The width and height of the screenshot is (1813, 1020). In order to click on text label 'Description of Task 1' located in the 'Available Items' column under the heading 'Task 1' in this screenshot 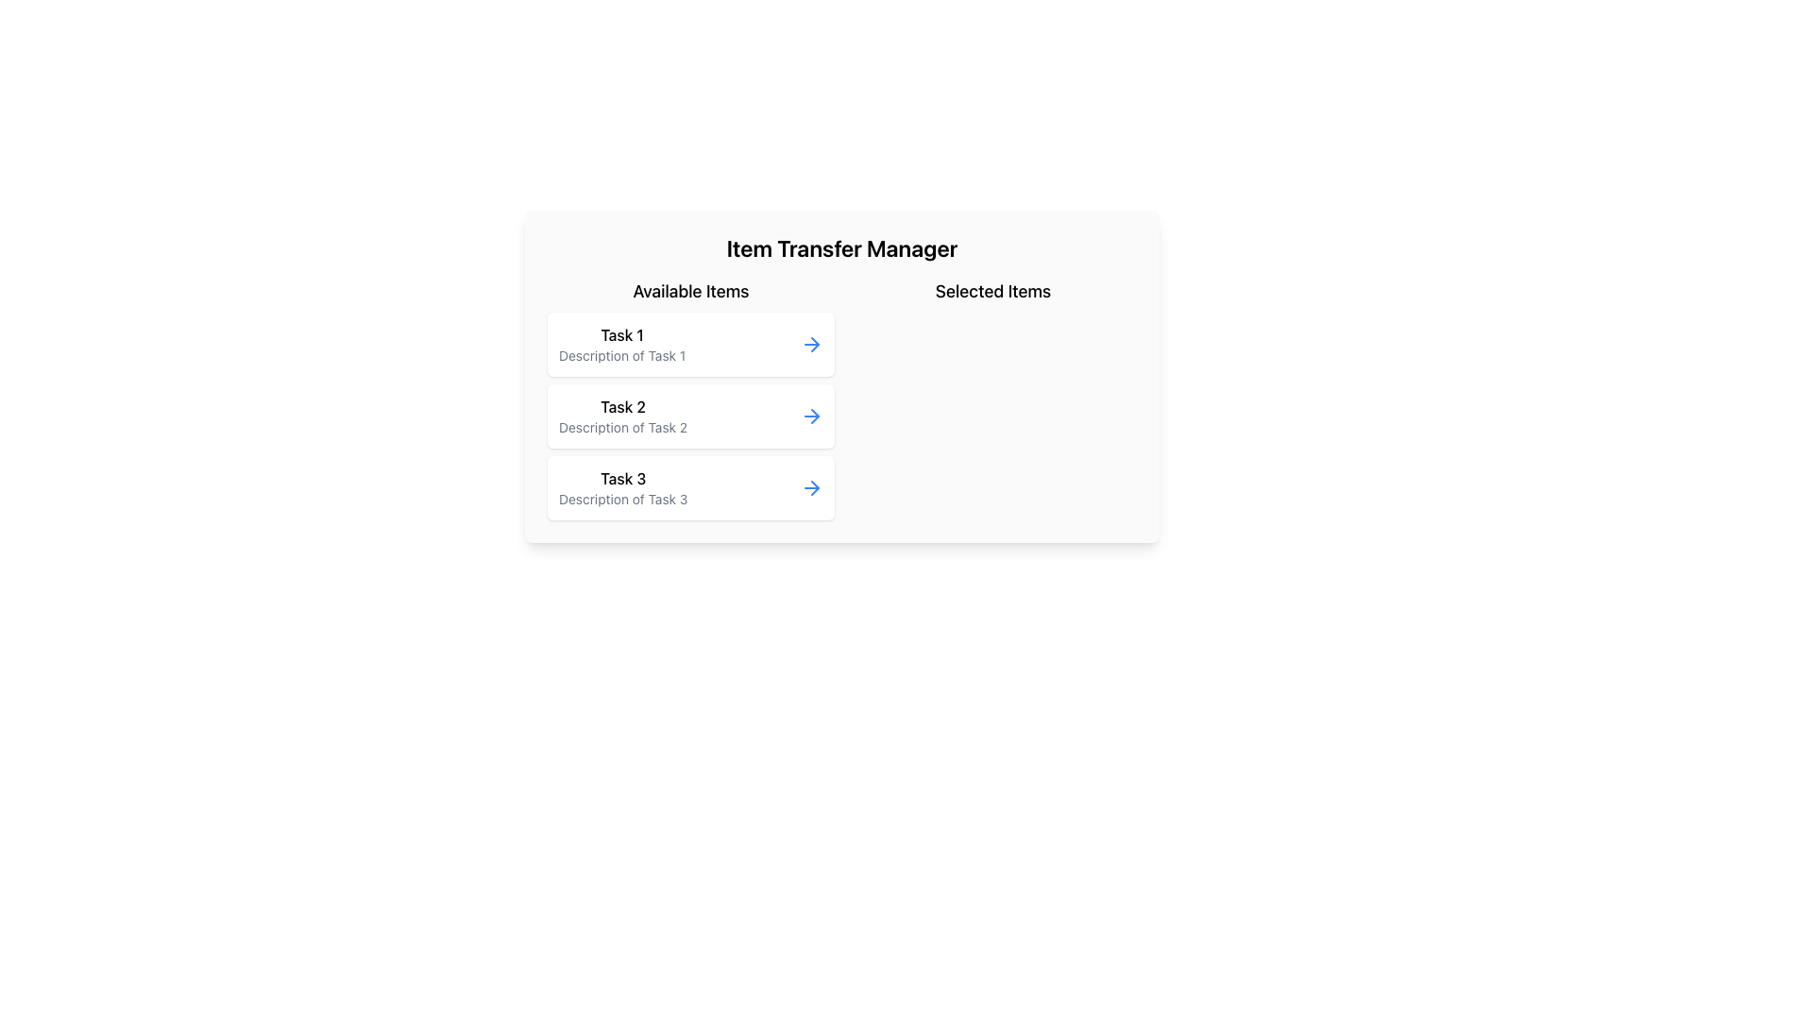, I will do `click(622, 356)`.